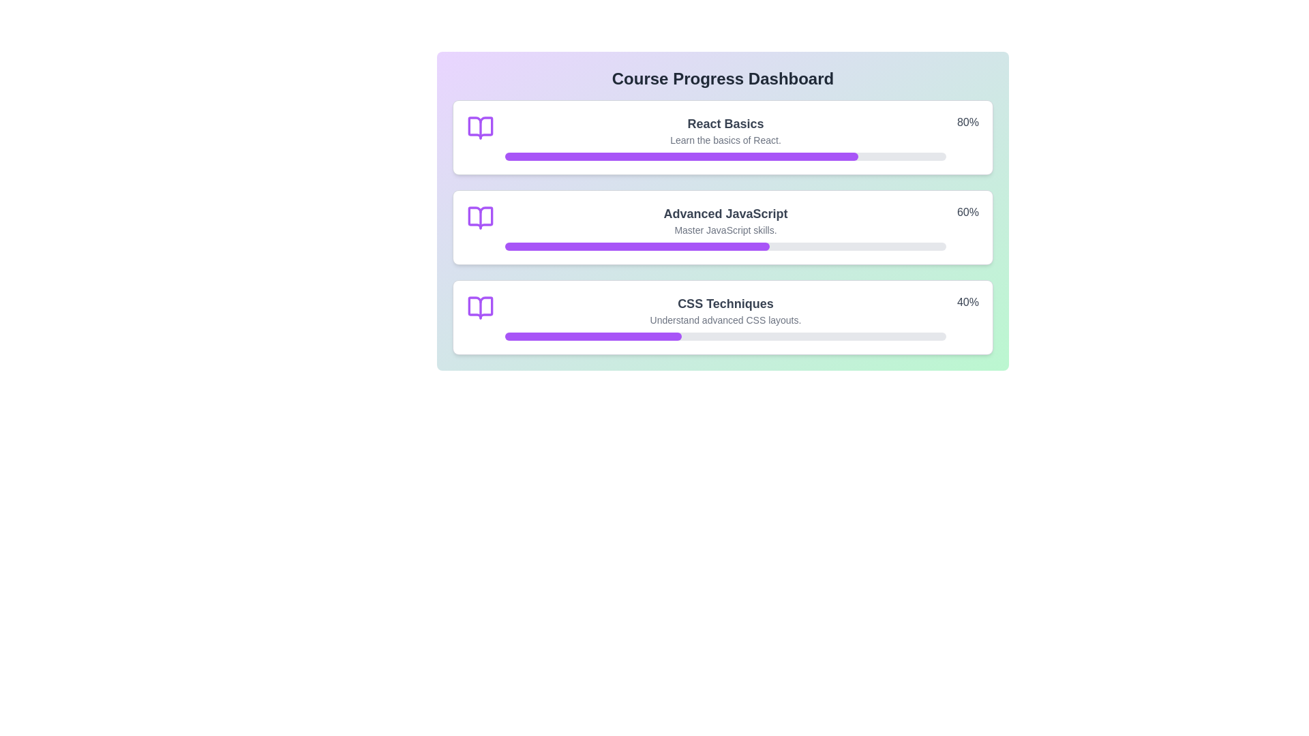 This screenshot has height=736, width=1309. I want to click on the progress visually of the progress bar representing the completion percentage of the course module labeled 'CSS Techniques', located at the bottom of the 'CSS Techniques' section in the 'Course Progress Dashboard', so click(725, 336).